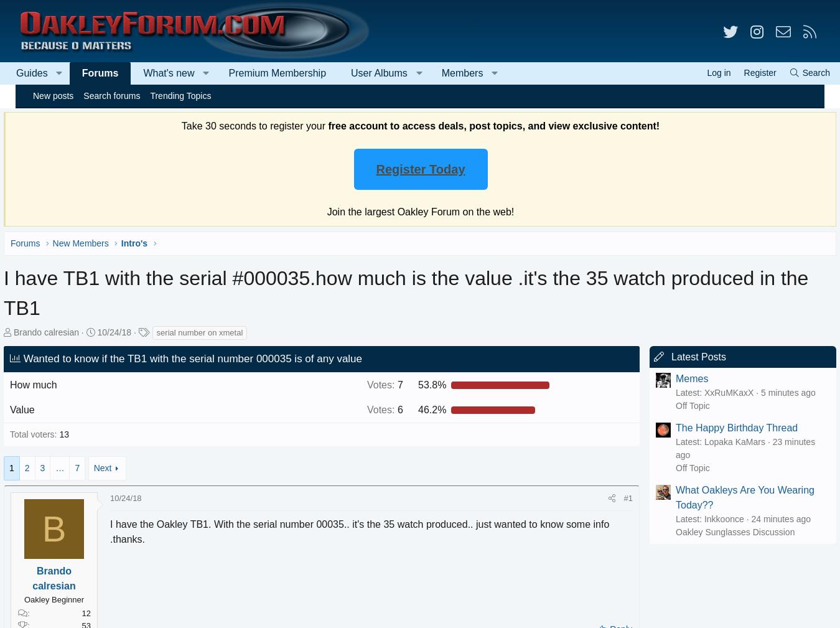 This screenshot has height=628, width=840. Describe the element at coordinates (60, 467) in the screenshot. I see `'3'` at that location.